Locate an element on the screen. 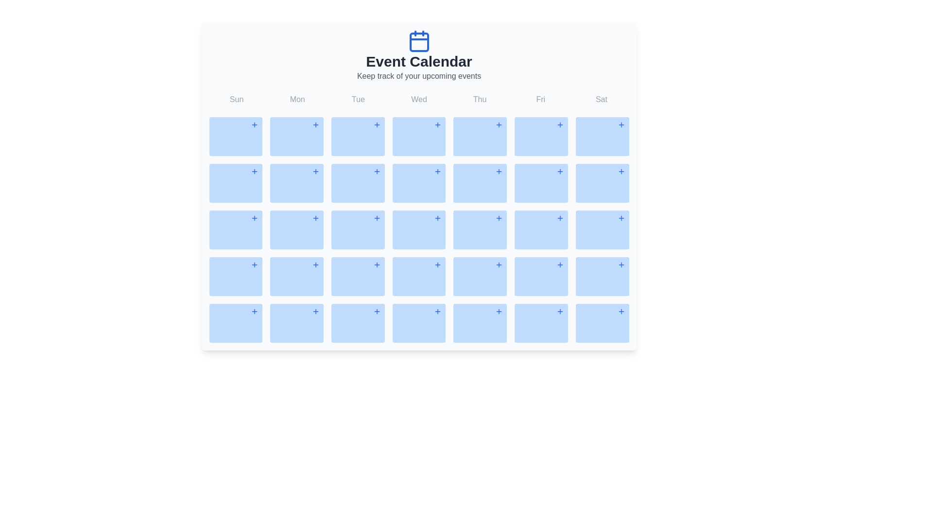 Image resolution: width=933 pixels, height=525 pixels. the date box in the calendar located in the leftmost column (Sunday) is located at coordinates (236, 230).